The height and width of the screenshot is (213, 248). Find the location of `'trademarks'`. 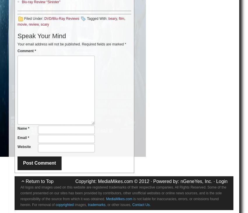

'trademarks' is located at coordinates (88, 204).